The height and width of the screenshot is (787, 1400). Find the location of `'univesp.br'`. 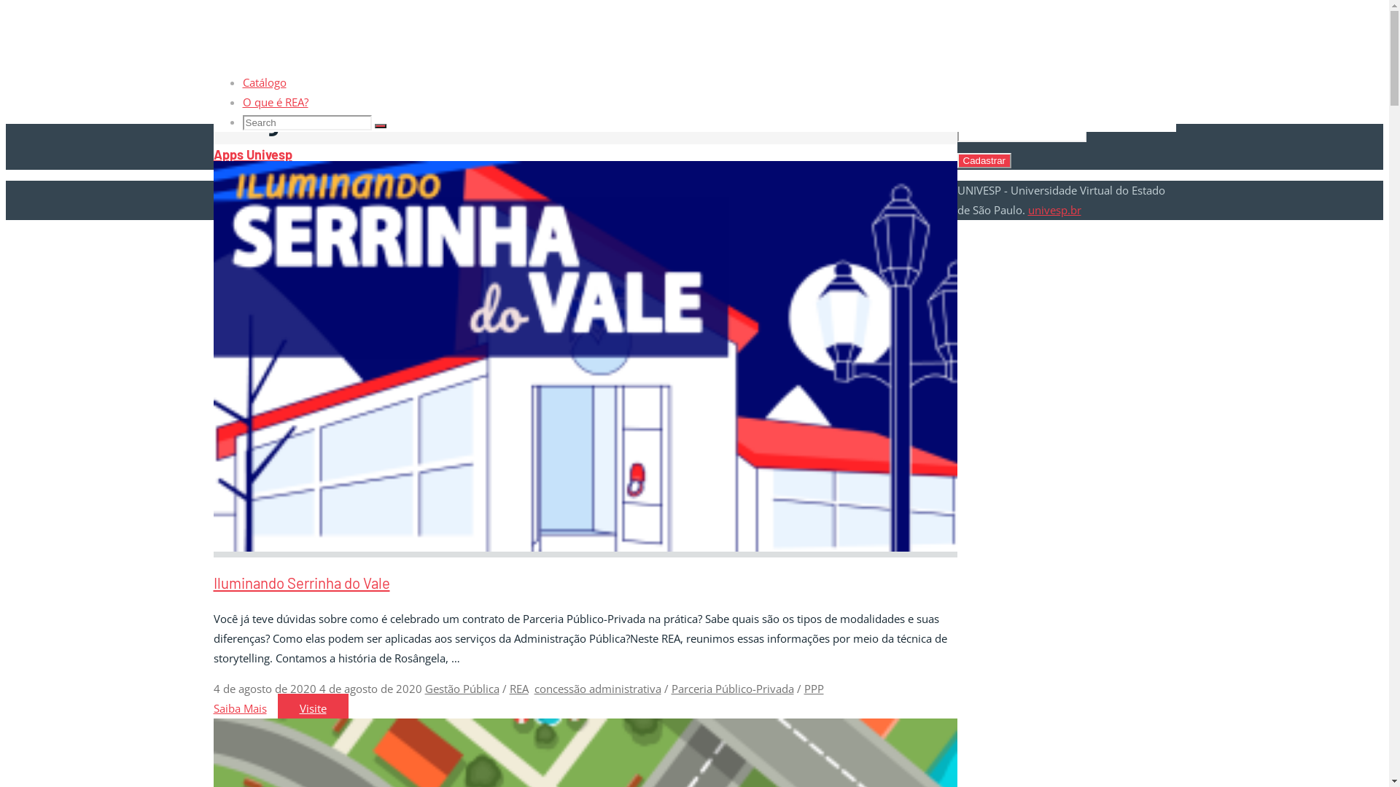

'univesp.br' is located at coordinates (1054, 210).